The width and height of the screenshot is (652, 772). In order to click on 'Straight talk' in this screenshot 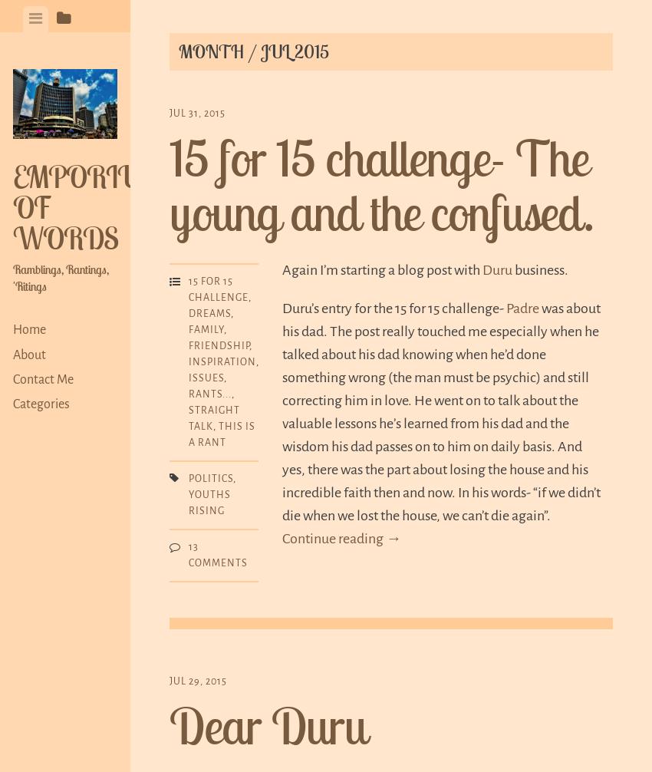, I will do `click(188, 417)`.